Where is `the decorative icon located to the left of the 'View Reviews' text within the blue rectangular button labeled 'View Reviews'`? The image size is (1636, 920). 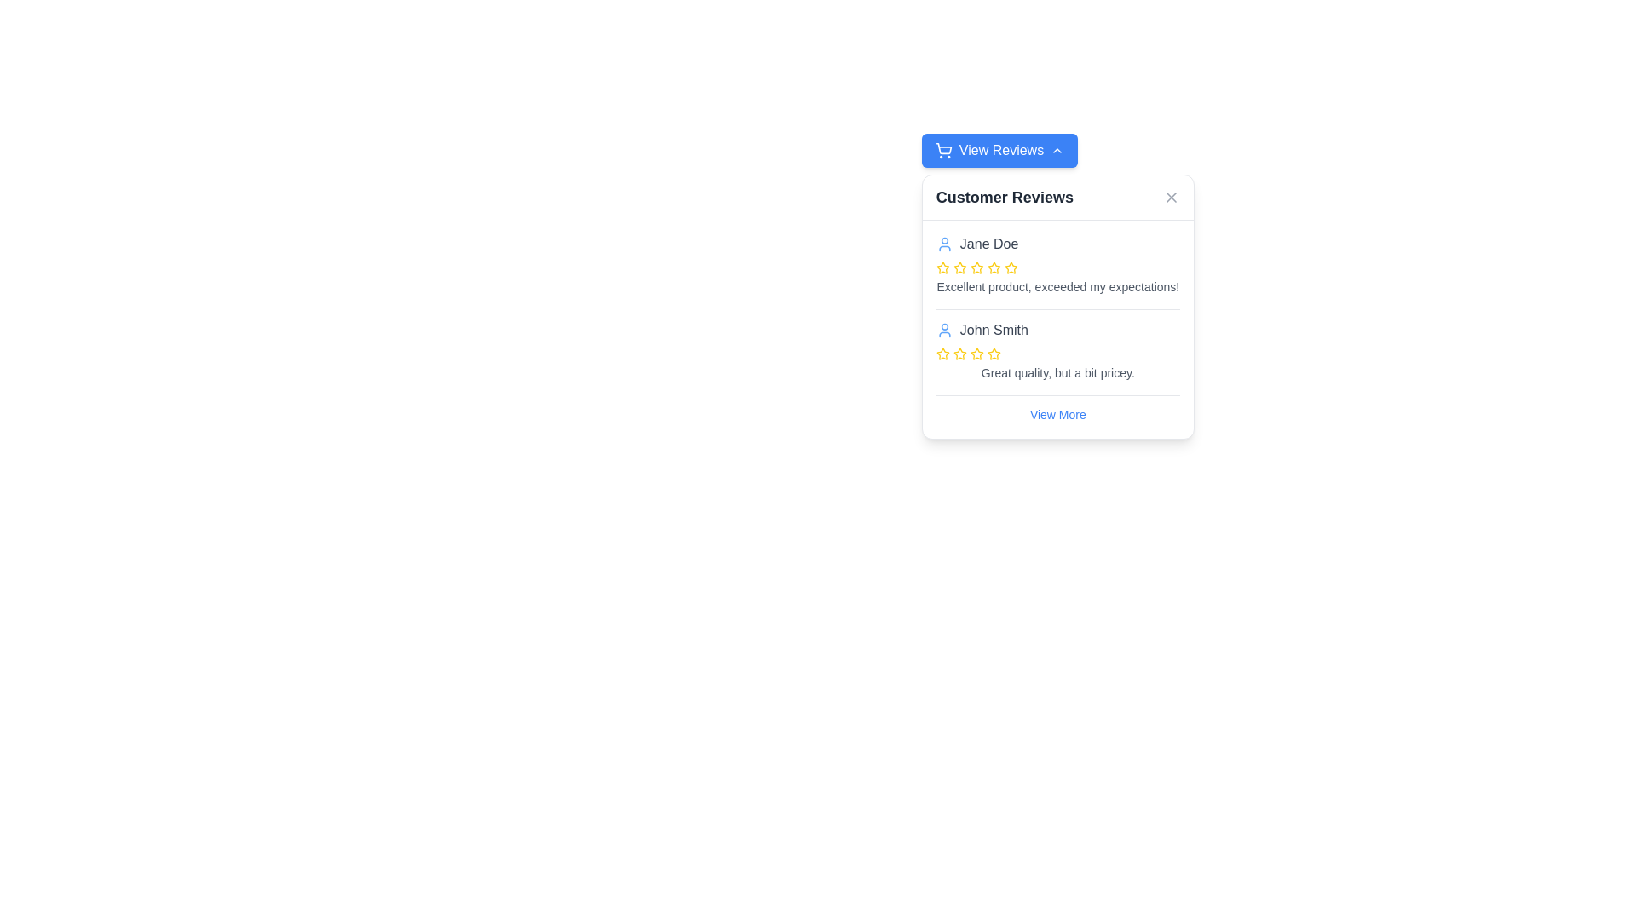 the decorative icon located to the left of the 'View Reviews' text within the blue rectangular button labeled 'View Reviews' is located at coordinates (942, 150).